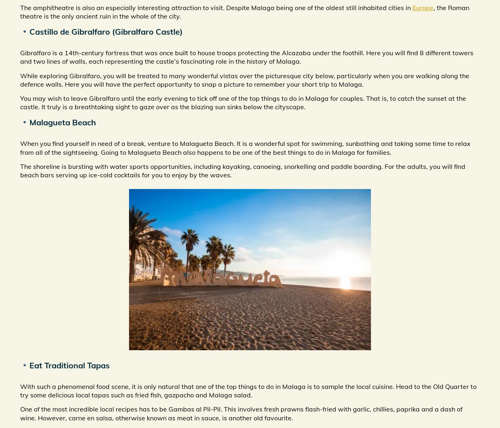 The width and height of the screenshot is (500, 428). I want to click on 'You may wish to leave Gibralfaro until the early evening to tick off one of the top things to do in Malaga for couples. That is, to catch the sunset at the castle. It truly is a breathtaking sight to gaze over as the blazing sun sinks below the cityscape.', so click(243, 102).